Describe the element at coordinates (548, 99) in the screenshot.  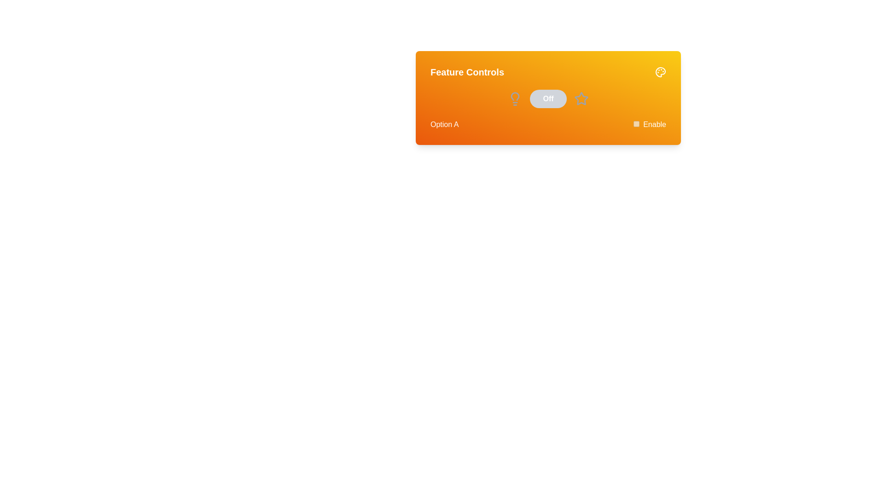
I see `the centrally positioned toggle button between the lightbulb icon and the star icon` at that location.